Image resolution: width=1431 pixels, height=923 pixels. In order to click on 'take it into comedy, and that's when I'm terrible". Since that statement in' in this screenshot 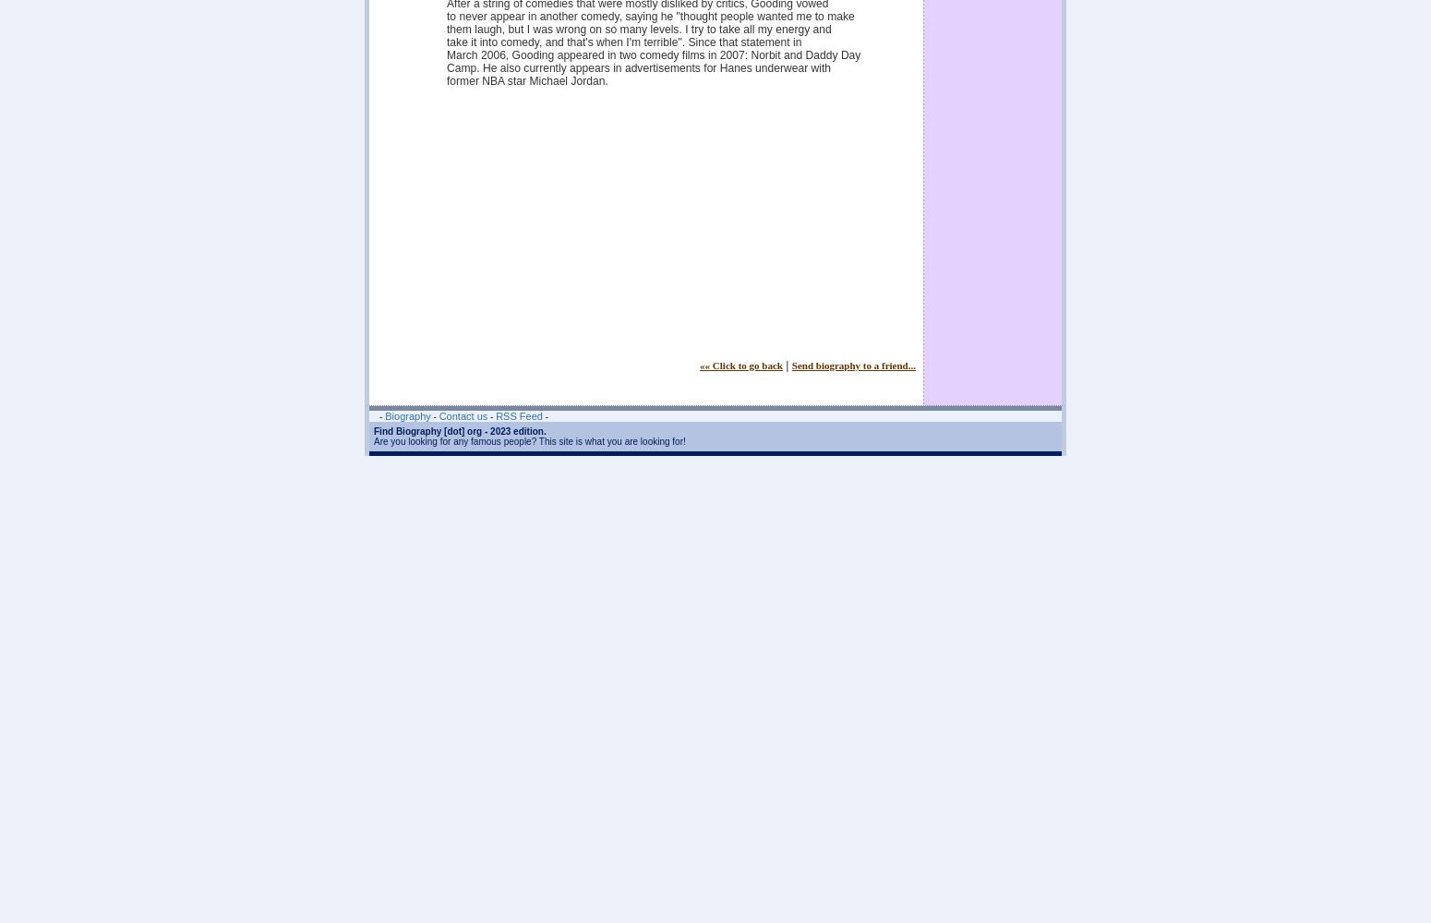, I will do `click(446, 42)`.